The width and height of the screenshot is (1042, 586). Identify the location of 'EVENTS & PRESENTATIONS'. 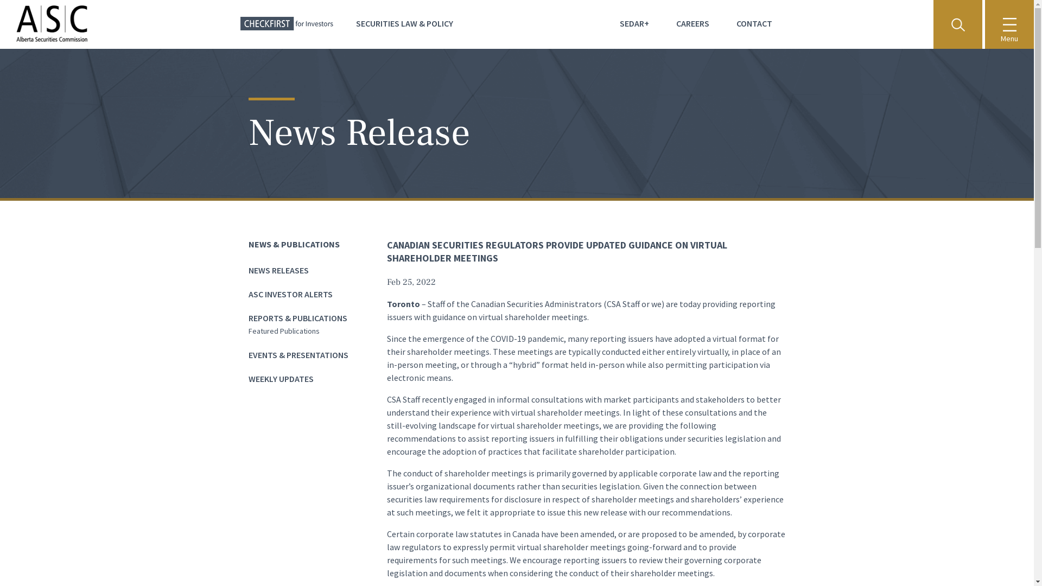
(247, 355).